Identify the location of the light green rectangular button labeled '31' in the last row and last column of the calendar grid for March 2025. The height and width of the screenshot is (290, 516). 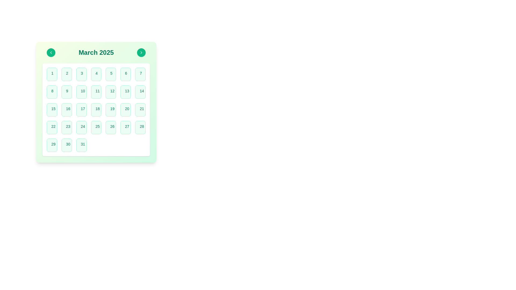
(81, 145).